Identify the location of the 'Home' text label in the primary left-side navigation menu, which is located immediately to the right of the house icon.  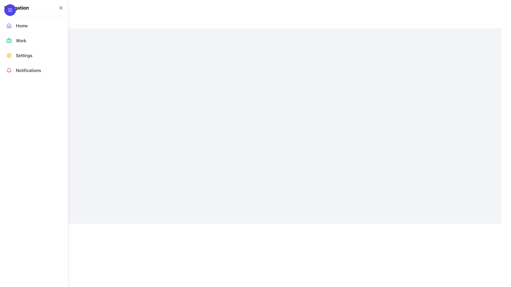
(21, 26).